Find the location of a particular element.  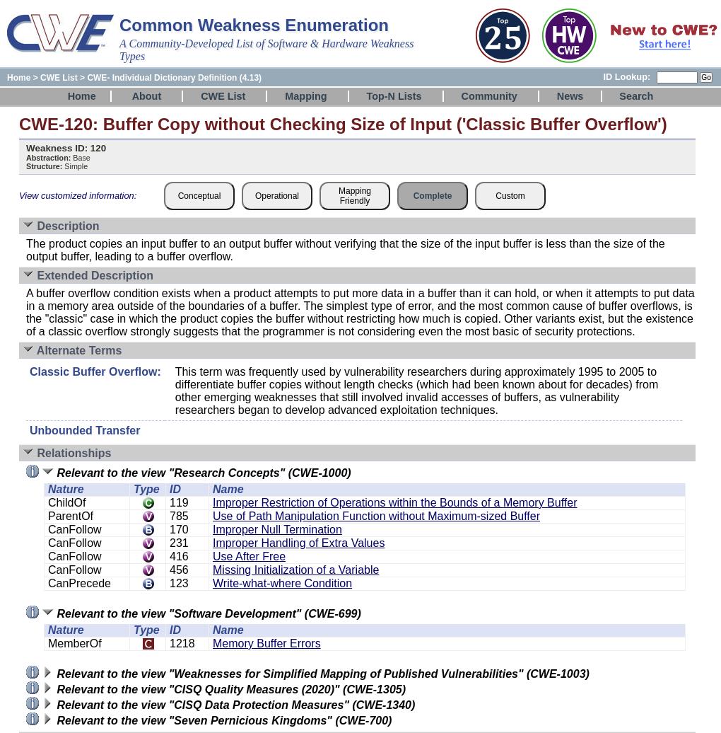

'Structure:' is located at coordinates (45, 166).